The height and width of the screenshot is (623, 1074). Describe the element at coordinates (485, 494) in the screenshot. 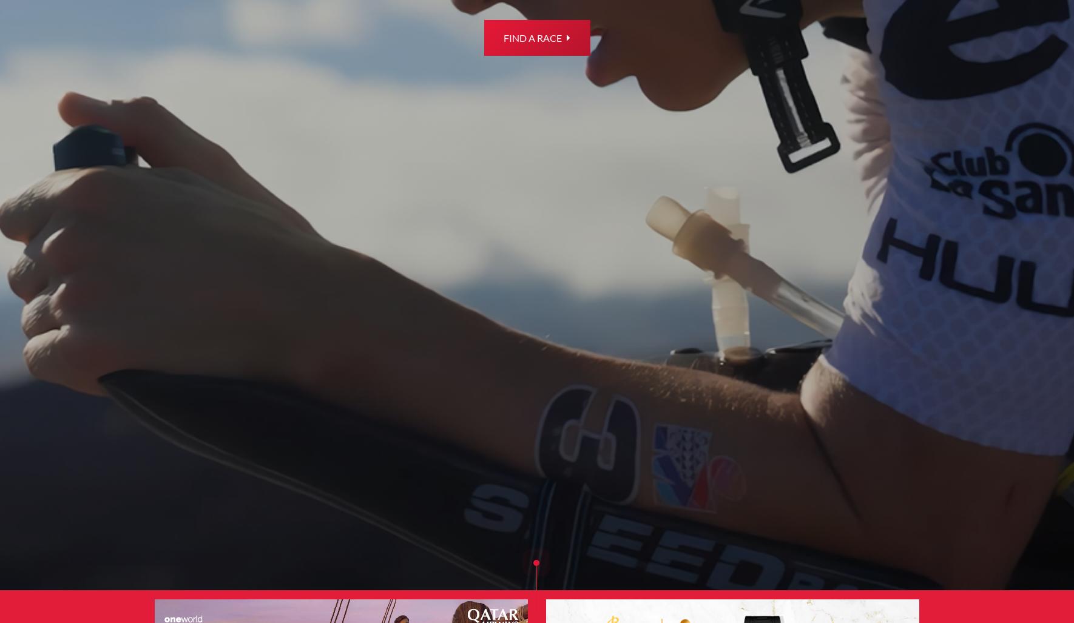

I see `'IRONMAN Life'` at that location.